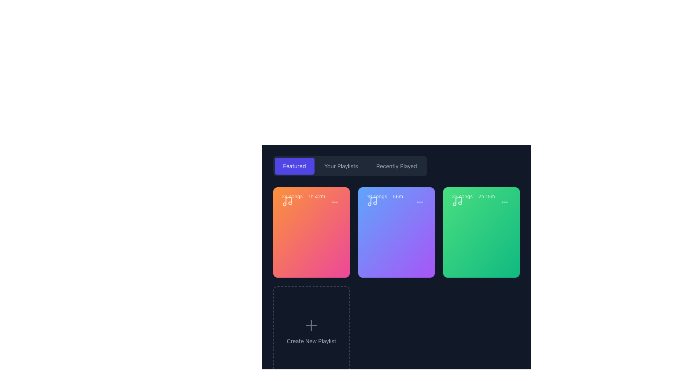 This screenshot has height=381, width=677. Describe the element at coordinates (373, 201) in the screenshot. I see `the vertical music note icon` at that location.